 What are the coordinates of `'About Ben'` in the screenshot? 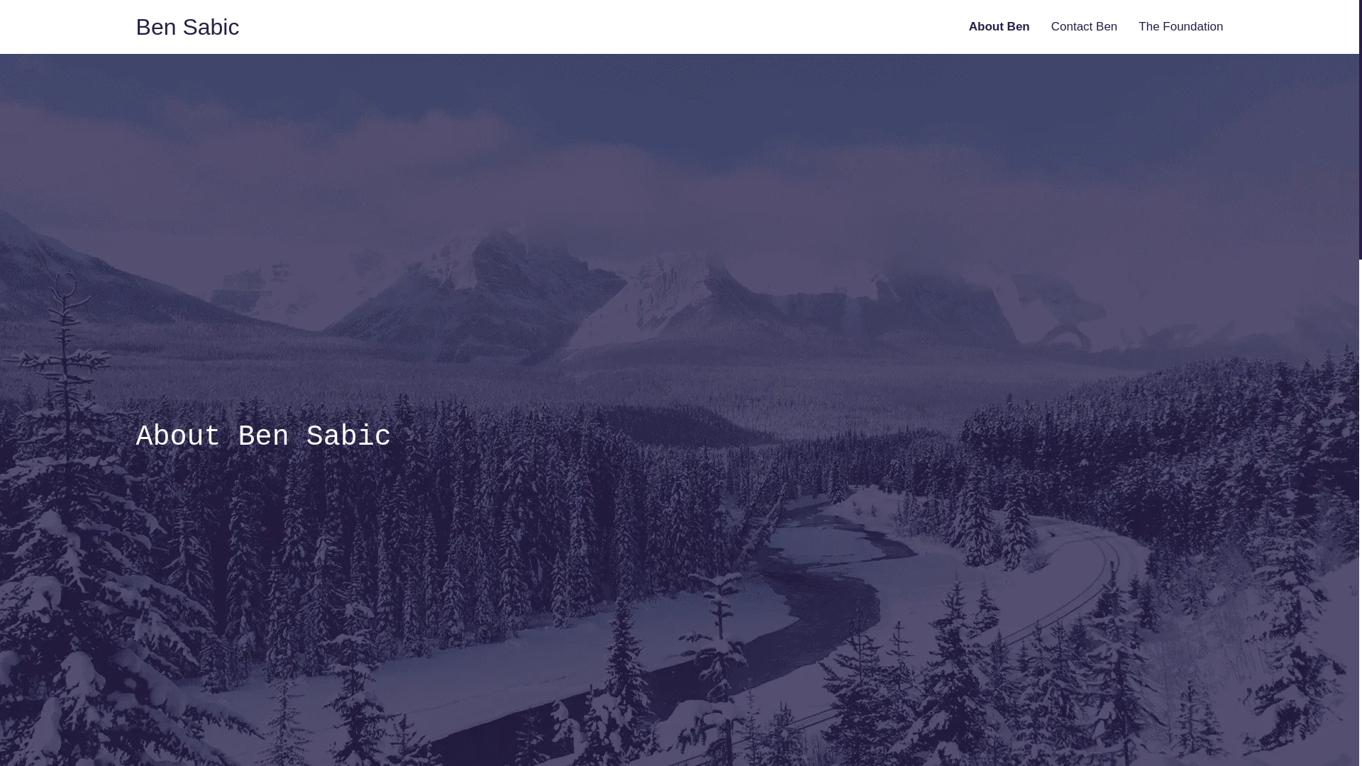 It's located at (999, 26).